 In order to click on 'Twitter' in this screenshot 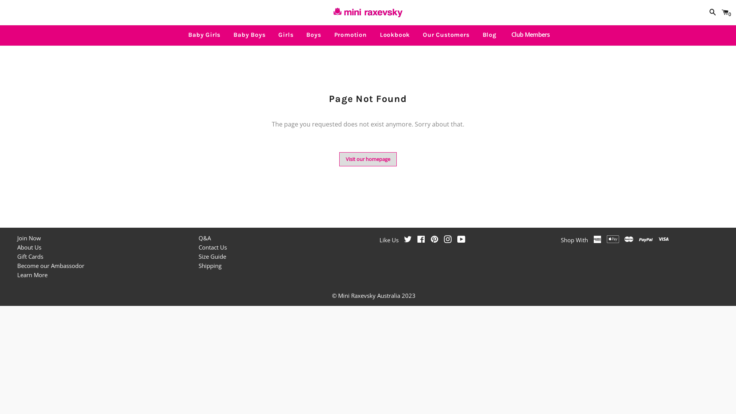, I will do `click(407, 239)`.